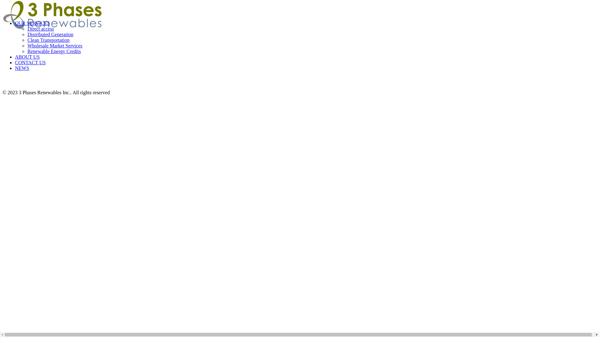 This screenshot has width=599, height=337. Describe the element at coordinates (54, 51) in the screenshot. I see `'Renewable Energy Credits'` at that location.